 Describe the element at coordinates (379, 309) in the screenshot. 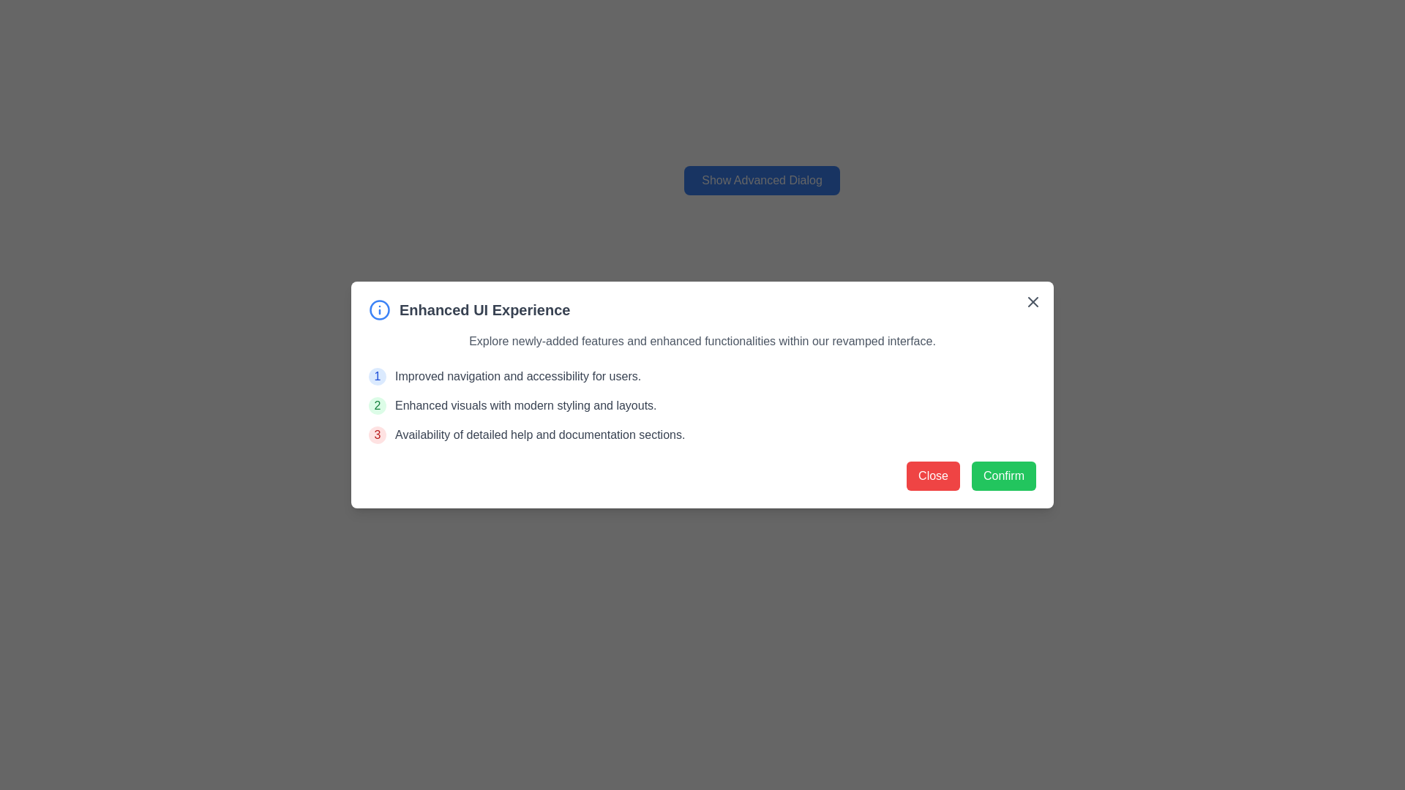

I see `the blue circular SVG icon that represents the outermost circle of an 'info' symbol, located at the center of the dialog box` at that location.